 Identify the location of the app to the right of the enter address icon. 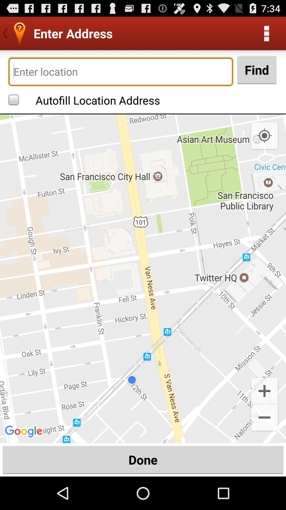
(266, 33).